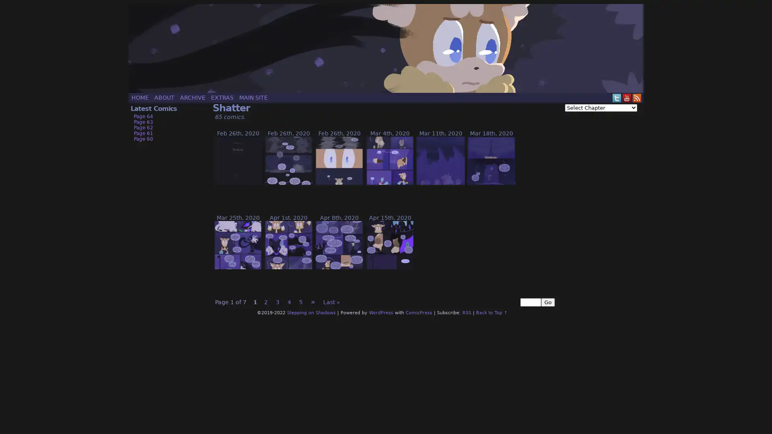  What do you see at coordinates (548, 302) in the screenshot?
I see `Go` at bounding box center [548, 302].